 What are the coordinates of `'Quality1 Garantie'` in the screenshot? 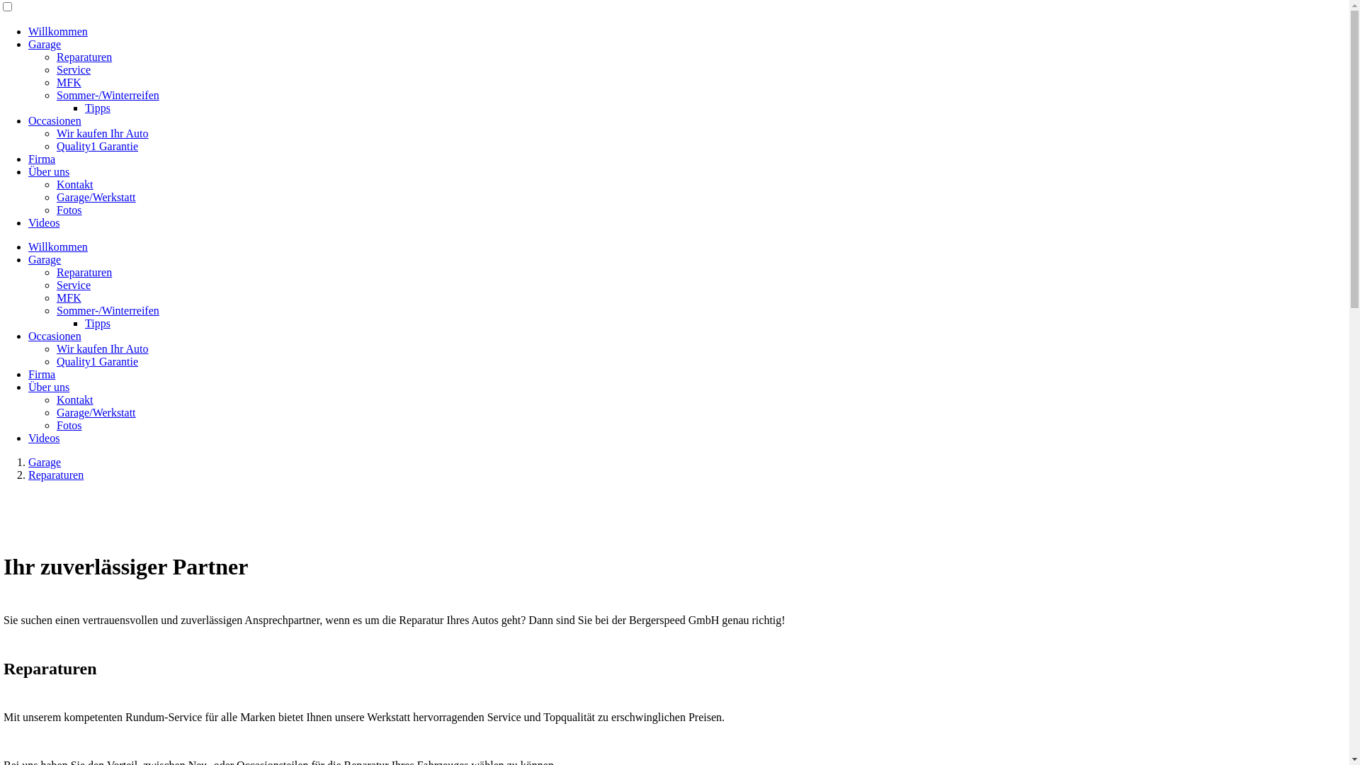 It's located at (96, 146).